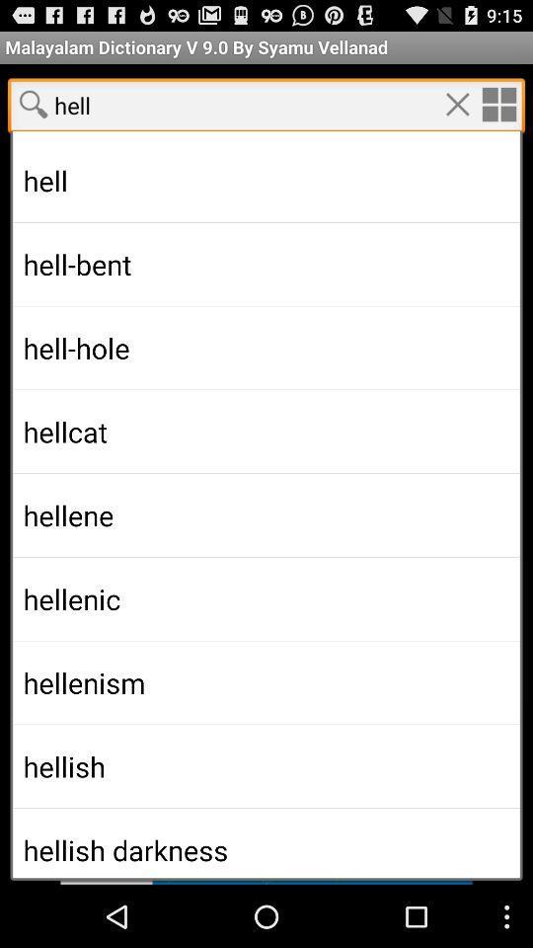  Describe the element at coordinates (33, 104) in the screenshot. I see `page share button` at that location.